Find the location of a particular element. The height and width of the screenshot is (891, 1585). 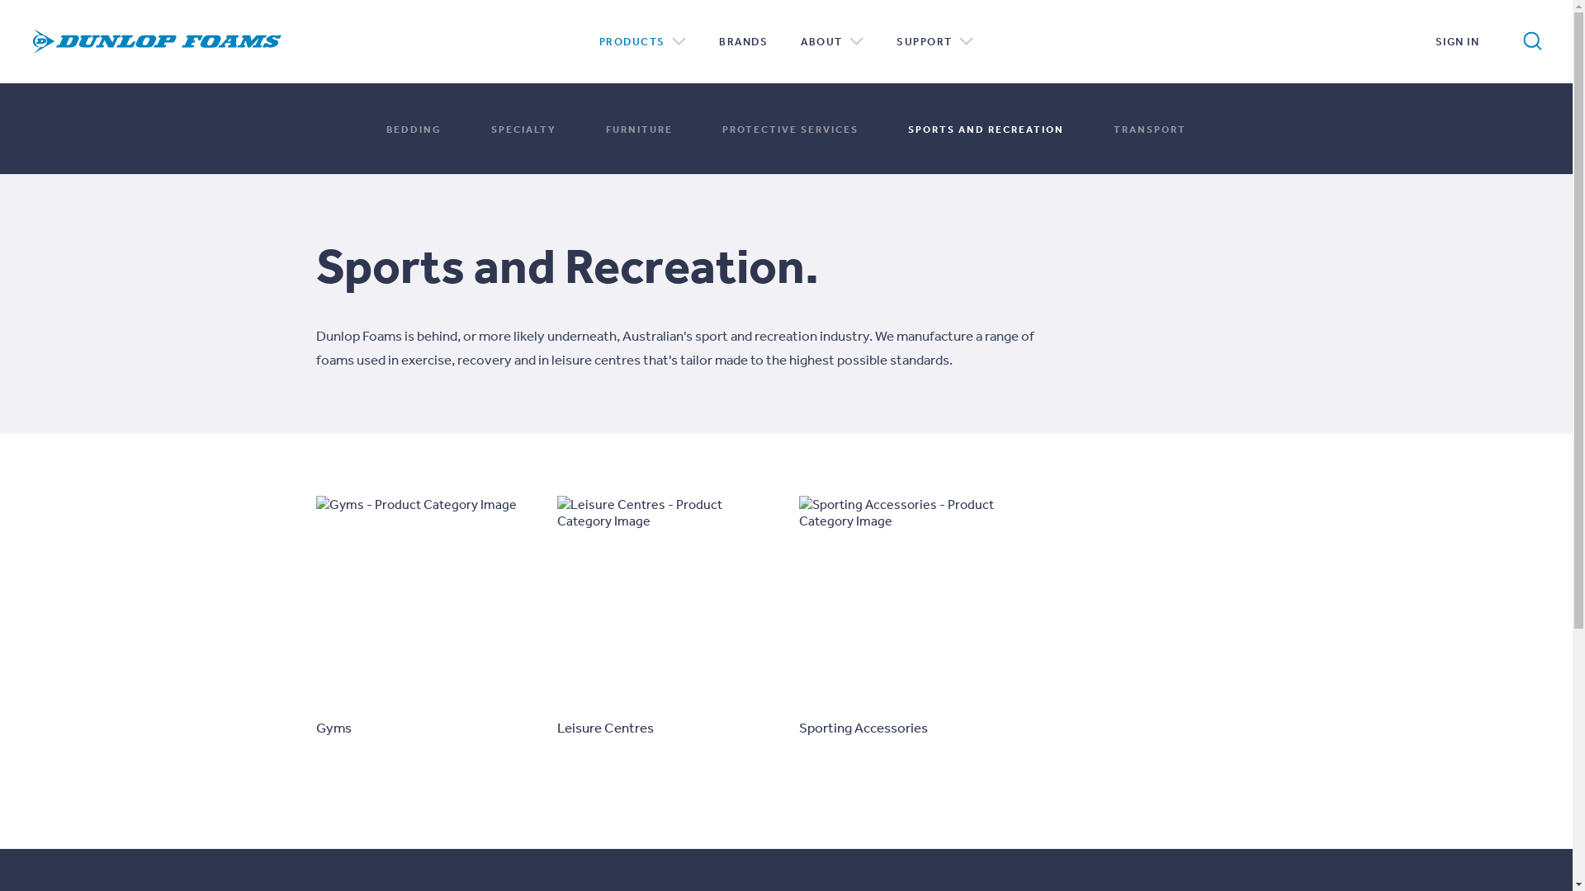

'Sporting Accessories' is located at coordinates (906, 617).